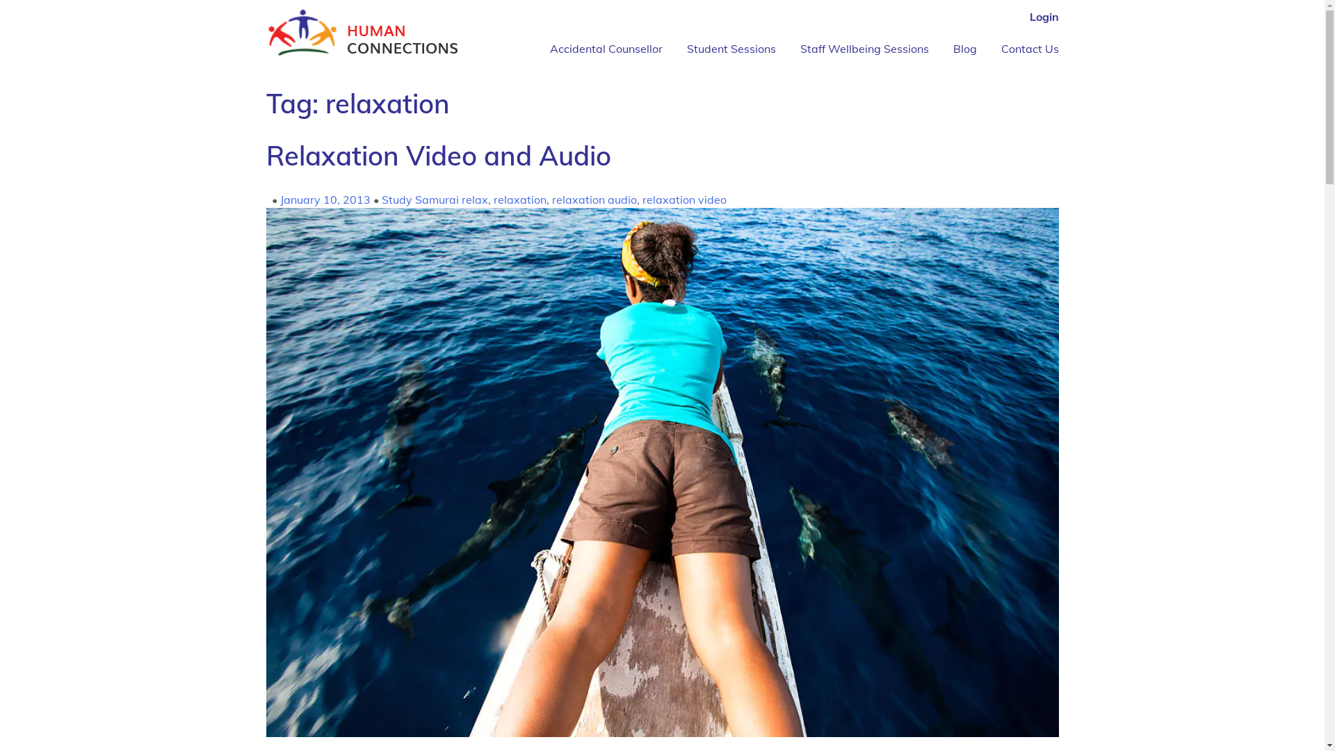 The image size is (1335, 751). I want to click on 'Student Sessions', so click(730, 47).